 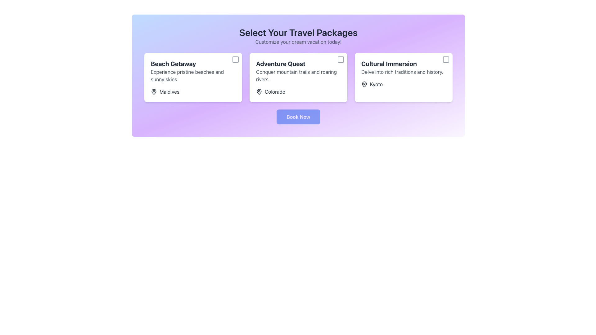 What do you see at coordinates (259, 91) in the screenshot?
I see `the map pin icon located above the text 'Colorado' in the 'Adventure Quest' card` at bounding box center [259, 91].